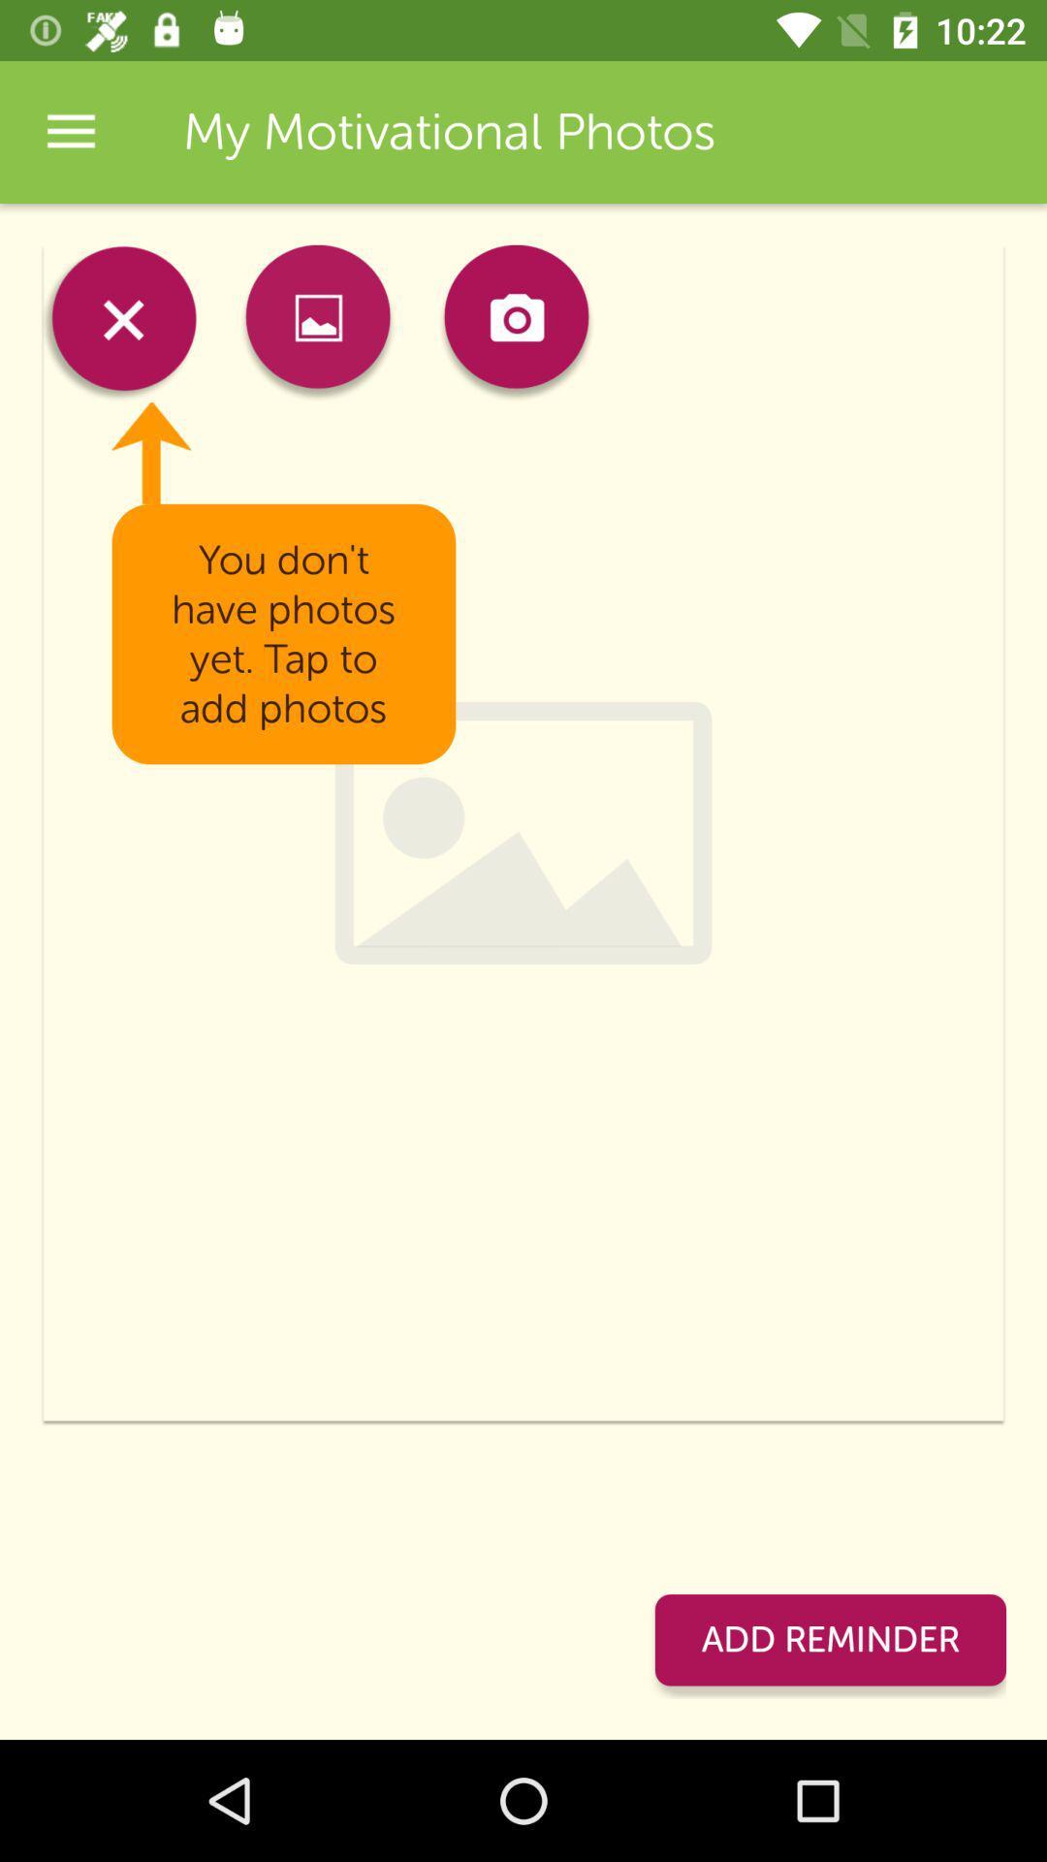 Image resolution: width=1047 pixels, height=1862 pixels. What do you see at coordinates (317, 323) in the screenshot?
I see `item above the you don t item` at bounding box center [317, 323].